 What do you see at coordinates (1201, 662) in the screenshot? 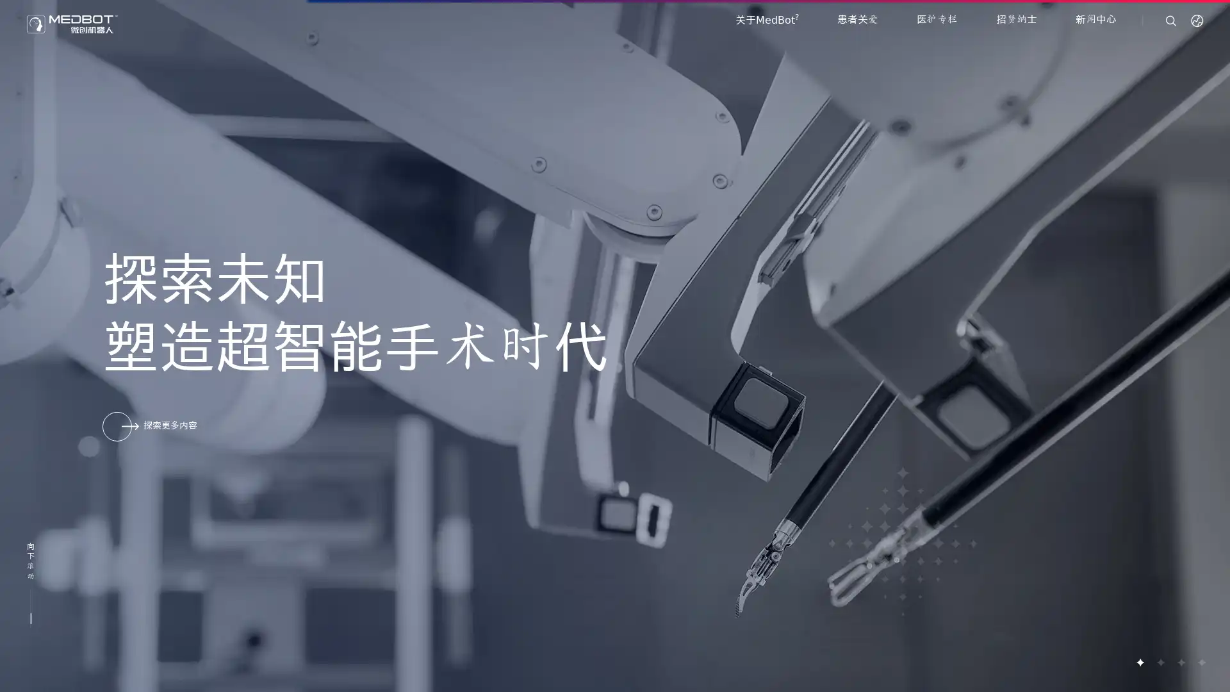
I see `Go to slide 4` at bounding box center [1201, 662].